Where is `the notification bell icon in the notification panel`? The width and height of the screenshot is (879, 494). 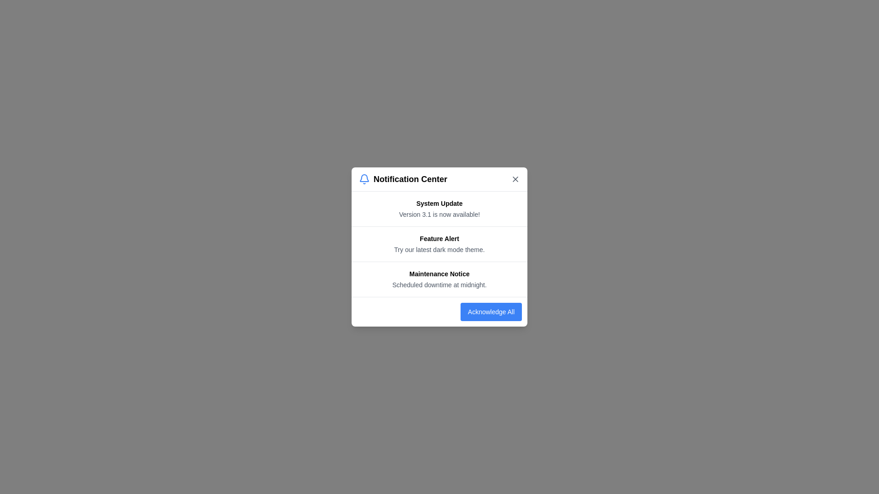
the notification bell icon in the notification panel is located at coordinates (364, 179).